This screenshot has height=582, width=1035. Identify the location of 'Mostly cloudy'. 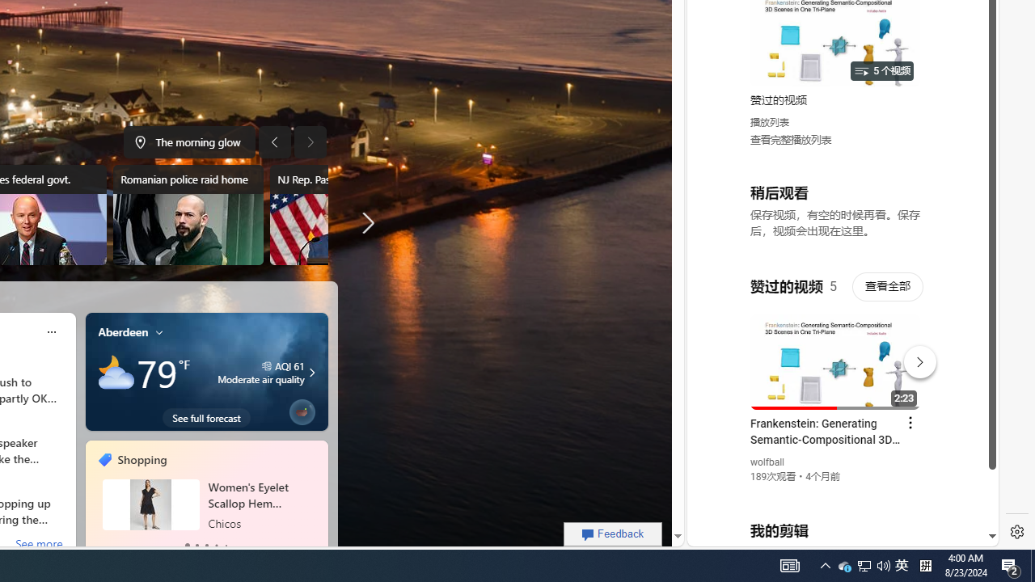
(116, 373).